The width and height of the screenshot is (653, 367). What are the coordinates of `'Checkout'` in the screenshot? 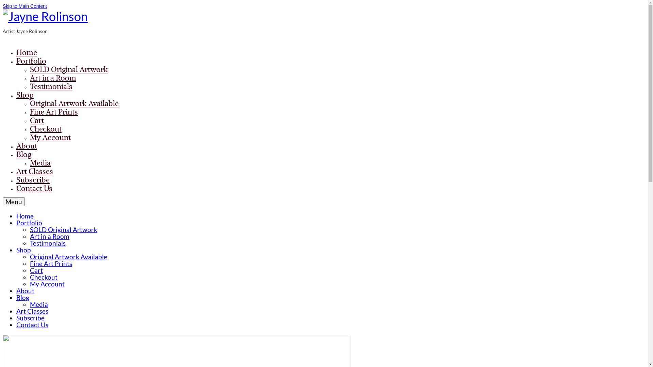 It's located at (45, 128).